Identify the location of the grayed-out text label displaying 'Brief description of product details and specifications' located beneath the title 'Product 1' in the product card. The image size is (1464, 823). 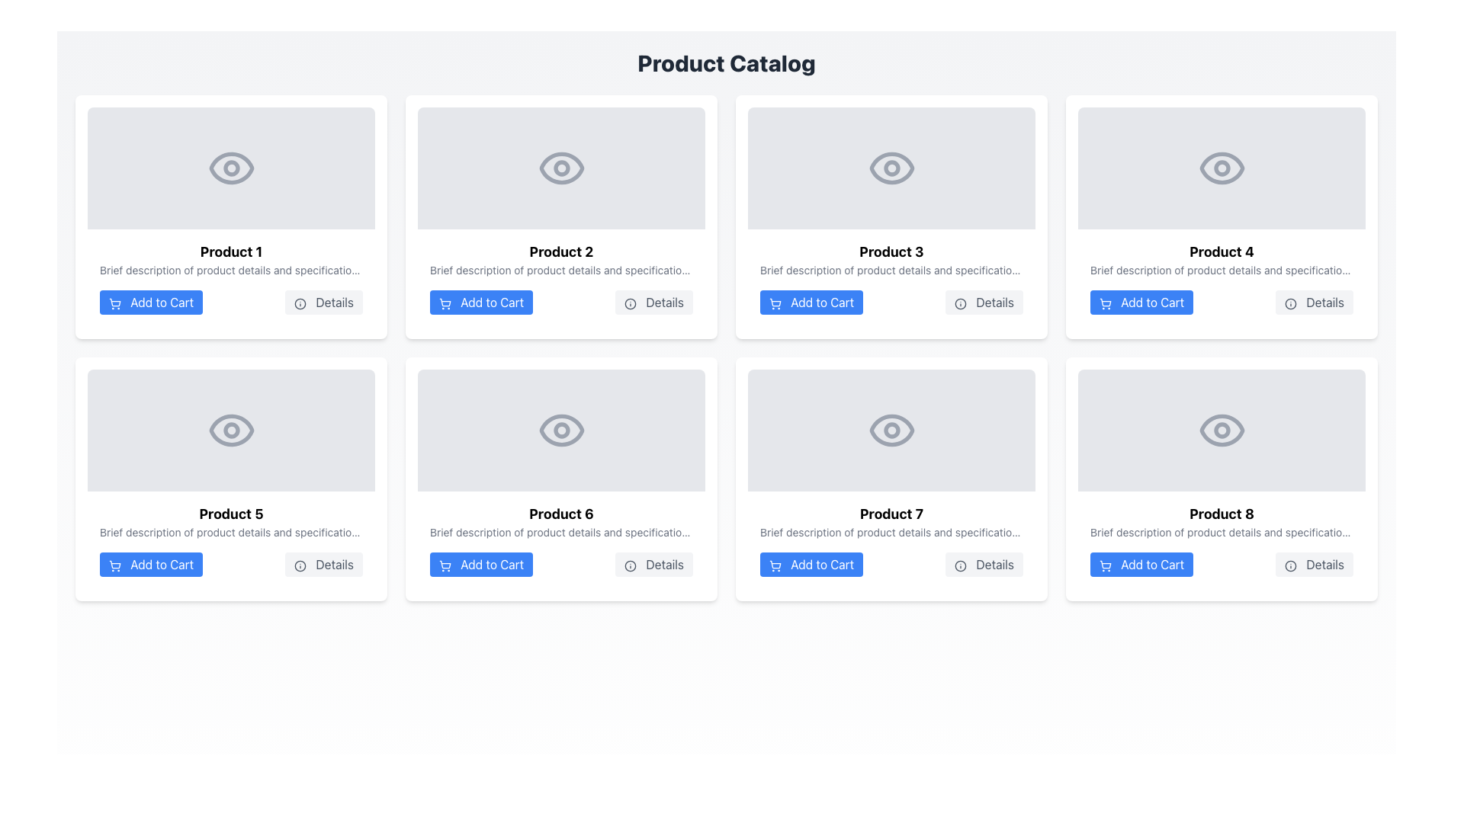
(230, 269).